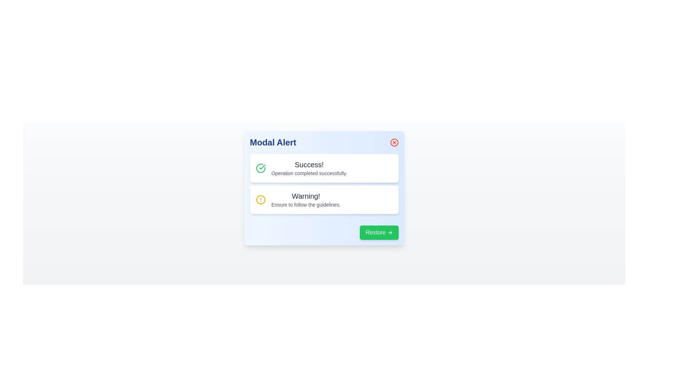 This screenshot has height=386, width=686. I want to click on the circular component of the warning icon located to the left of the text 'Warning! Ensure to follow the guidelines.' in the middle-left section of the modal dialogue, so click(260, 200).